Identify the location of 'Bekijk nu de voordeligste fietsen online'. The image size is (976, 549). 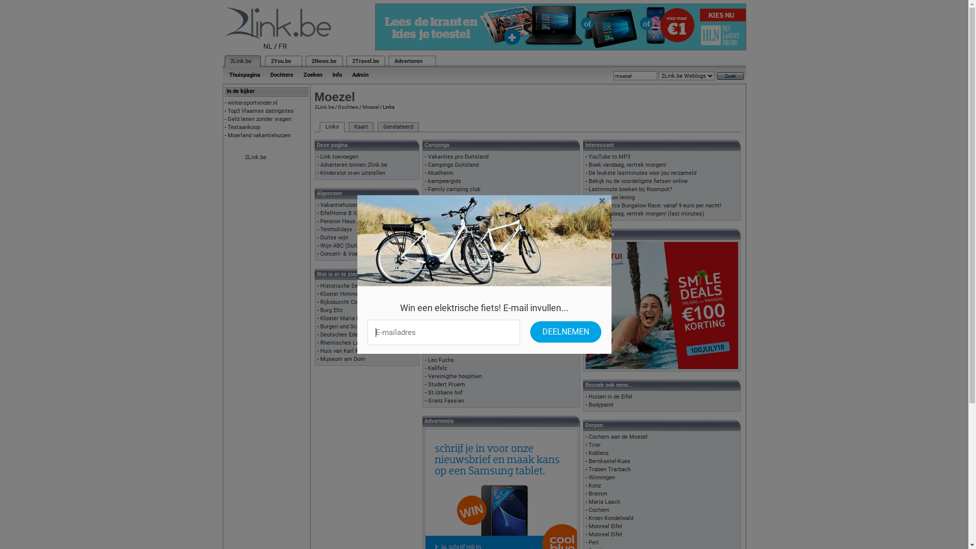
(637, 180).